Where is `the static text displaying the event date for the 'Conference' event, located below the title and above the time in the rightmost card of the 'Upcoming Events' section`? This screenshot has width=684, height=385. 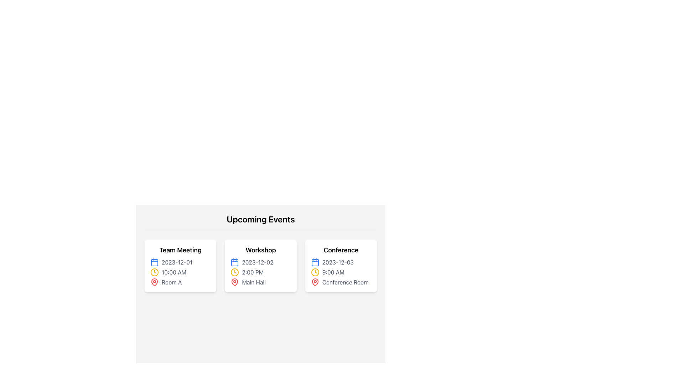 the static text displaying the event date for the 'Conference' event, located below the title and above the time in the rightmost card of the 'Upcoming Events' section is located at coordinates (341, 262).